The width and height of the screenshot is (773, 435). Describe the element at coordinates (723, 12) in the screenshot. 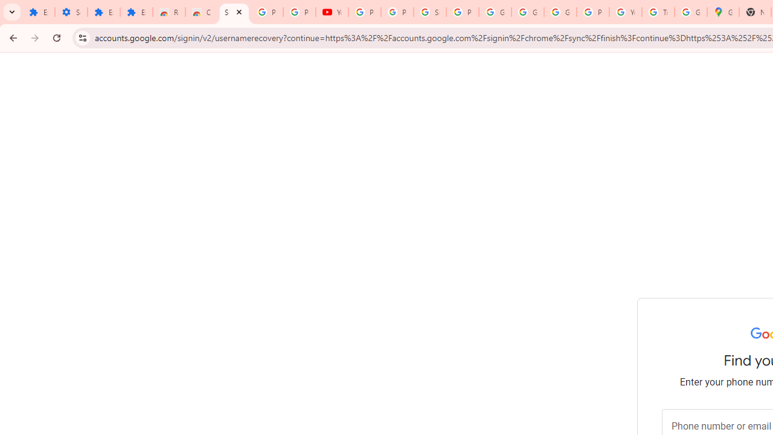

I see `'Google Maps'` at that location.